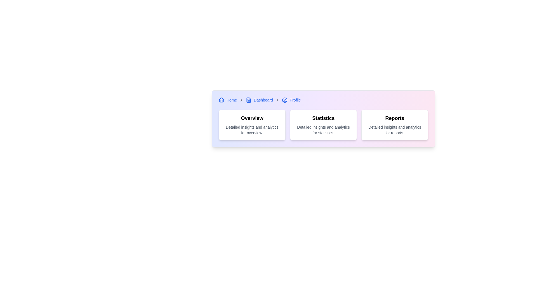 The width and height of the screenshot is (537, 302). What do you see at coordinates (252, 130) in the screenshot?
I see `the text element that contains 'Detailed insights and analytics for overview.' which is located in the lower area of the 'Overview' card` at bounding box center [252, 130].